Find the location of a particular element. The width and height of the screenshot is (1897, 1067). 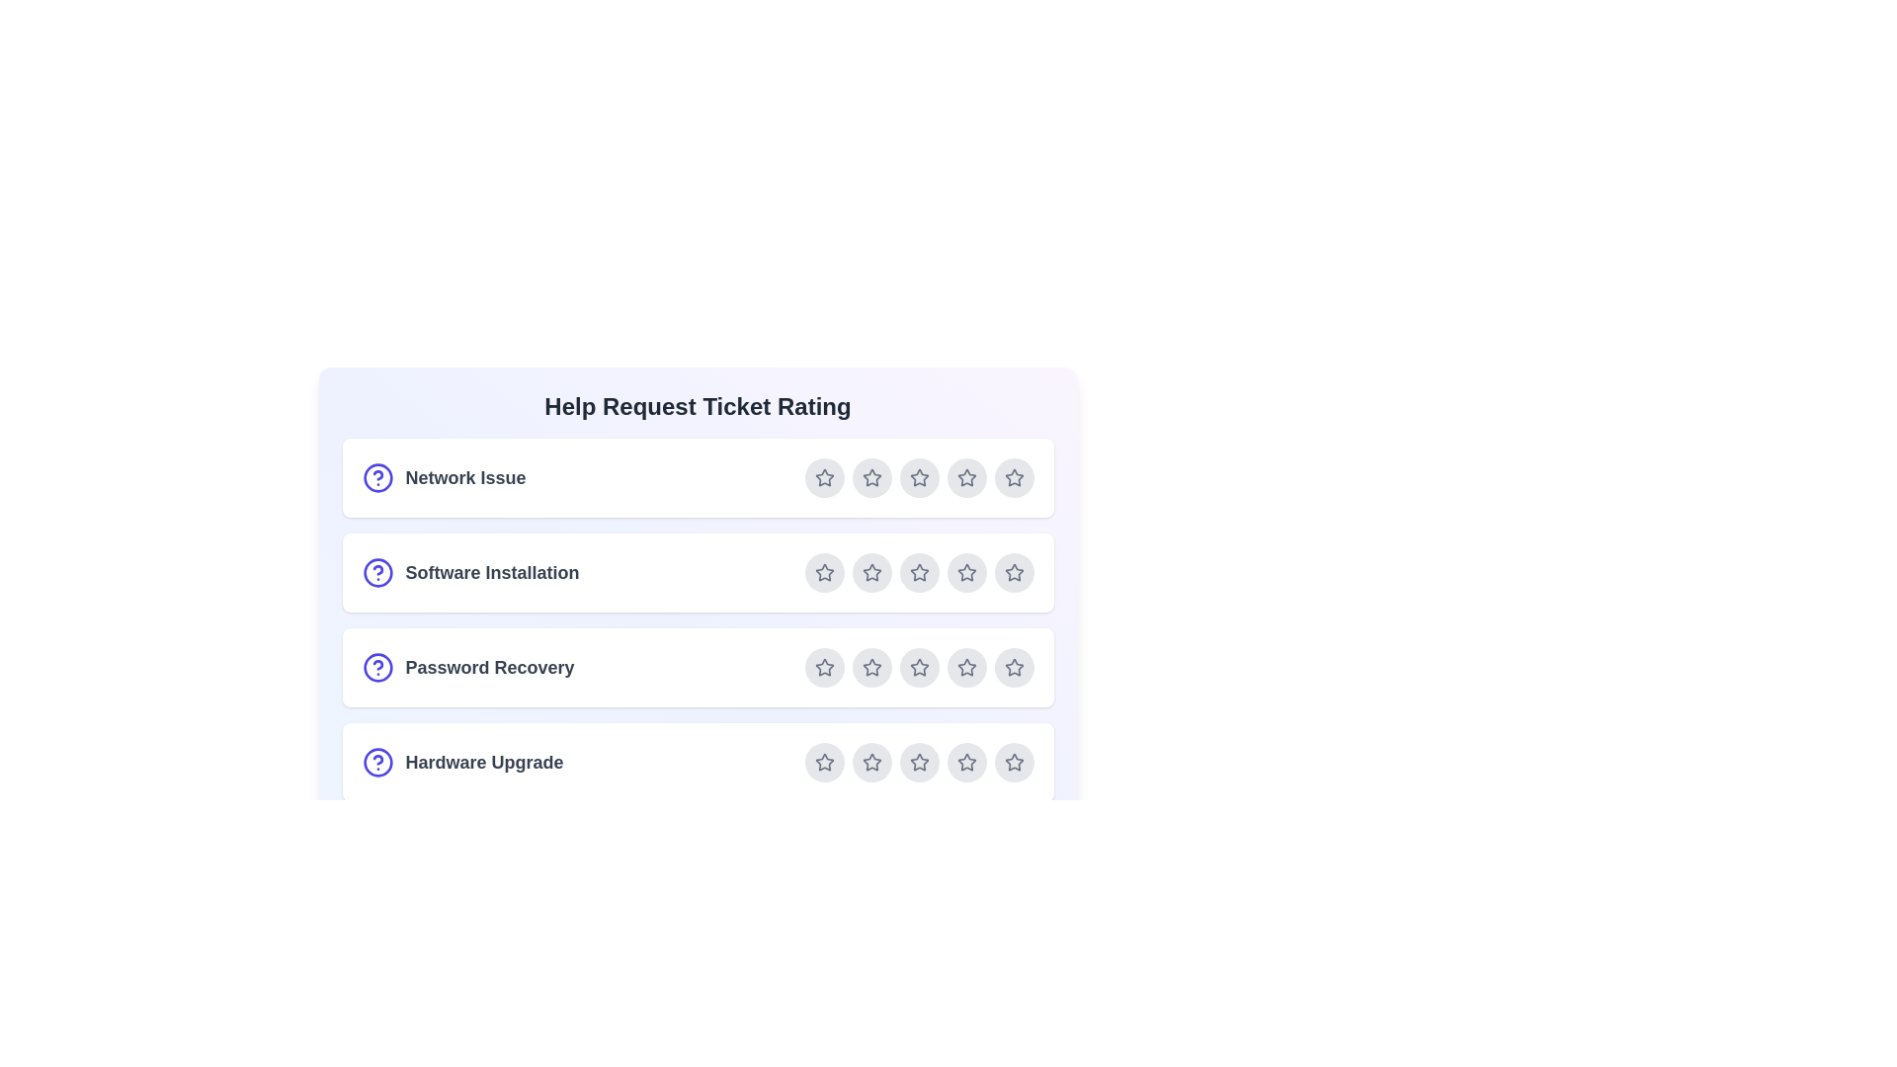

the star corresponding to 4 for the ticket Password Recovery is located at coordinates (966, 667).